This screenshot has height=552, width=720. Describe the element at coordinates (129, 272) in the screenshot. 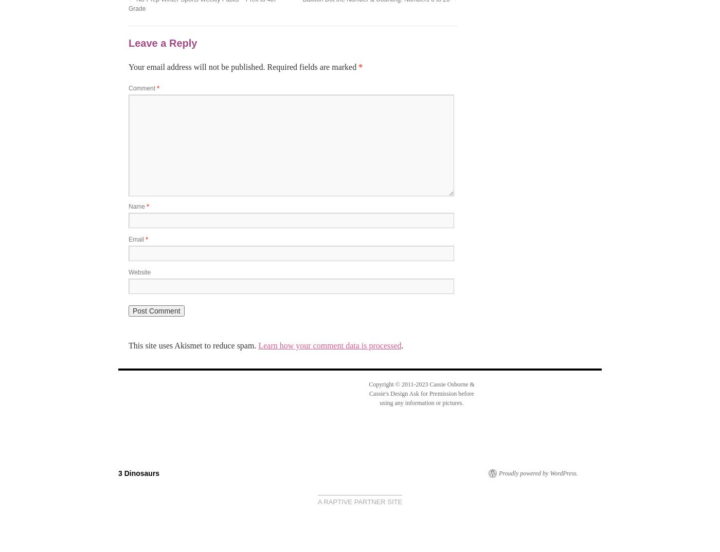

I see `'Website'` at that location.